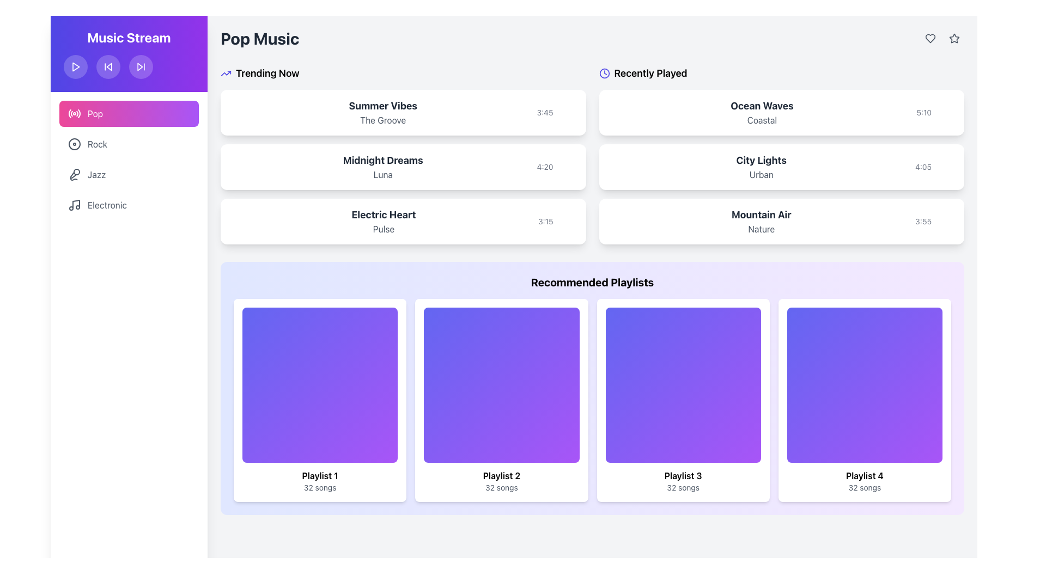 This screenshot has height=588, width=1046. I want to click on the music note icon located in the navigation menu next to the 'Electronic' label, which represents a musical concept, so click(75, 204).